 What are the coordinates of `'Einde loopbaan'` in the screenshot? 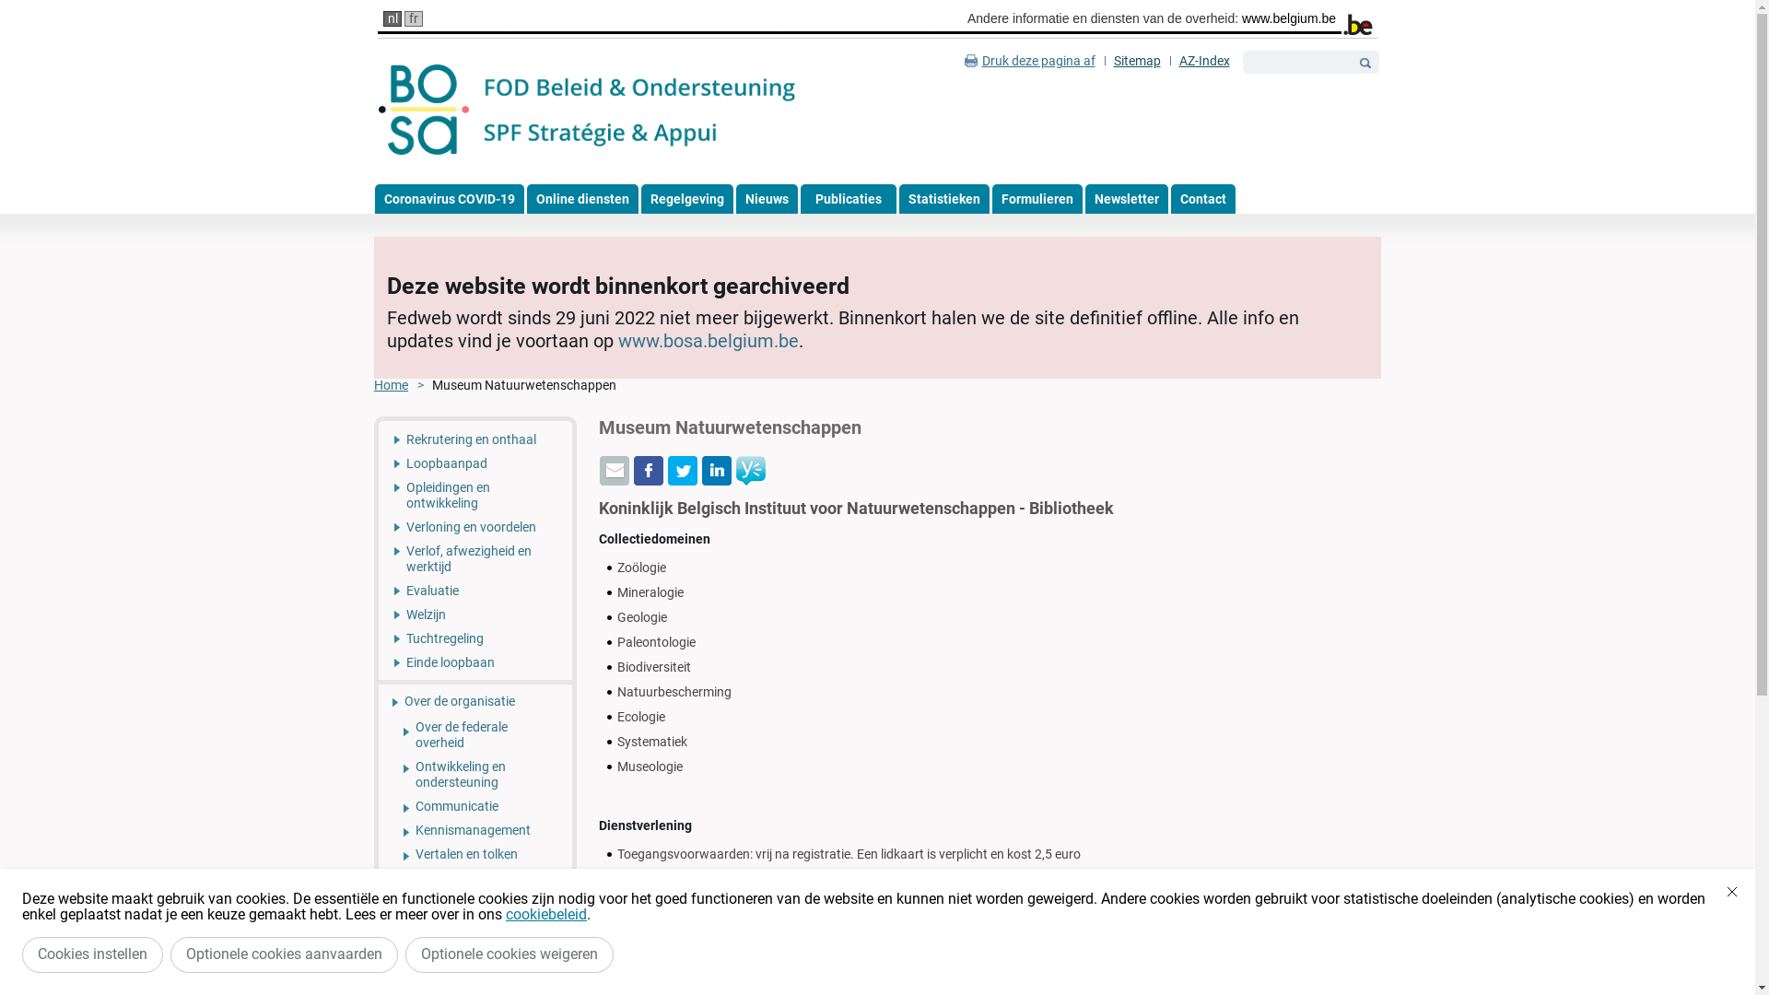 It's located at (378, 664).